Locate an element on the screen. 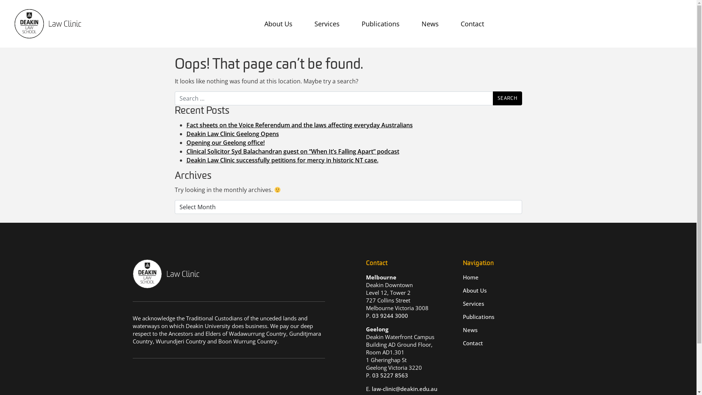 The image size is (702, 395). 'Deakin Law Clinic Geelong Opens' is located at coordinates (232, 134).